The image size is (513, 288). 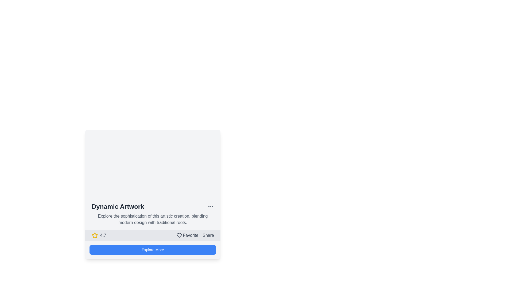 What do you see at coordinates (210, 206) in the screenshot?
I see `the Ellipsis Menu Button, represented by three gray dots, located at the far-right side of the 'Dynamic Artwork' title in the top section of the card UI` at bounding box center [210, 206].